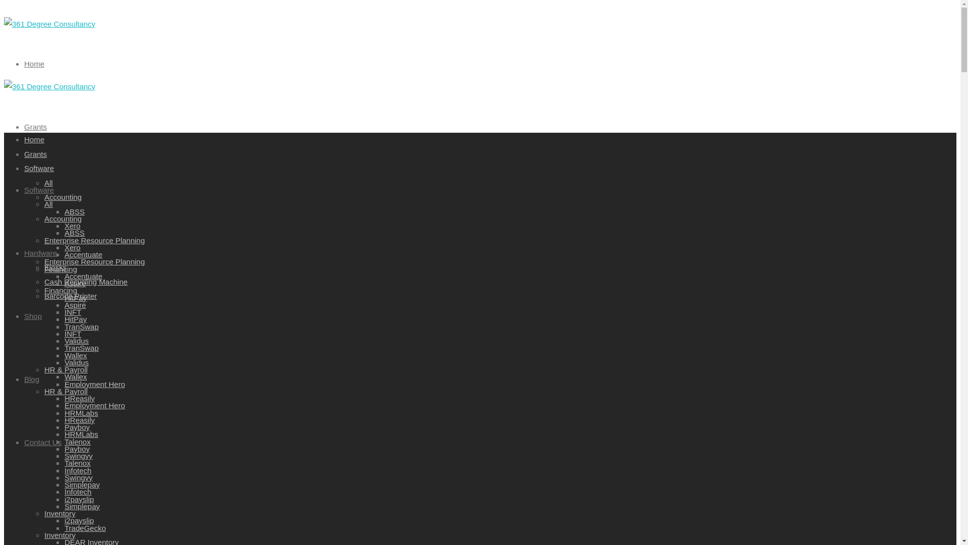  Describe the element at coordinates (82, 347) in the screenshot. I see `'TranSwap'` at that location.